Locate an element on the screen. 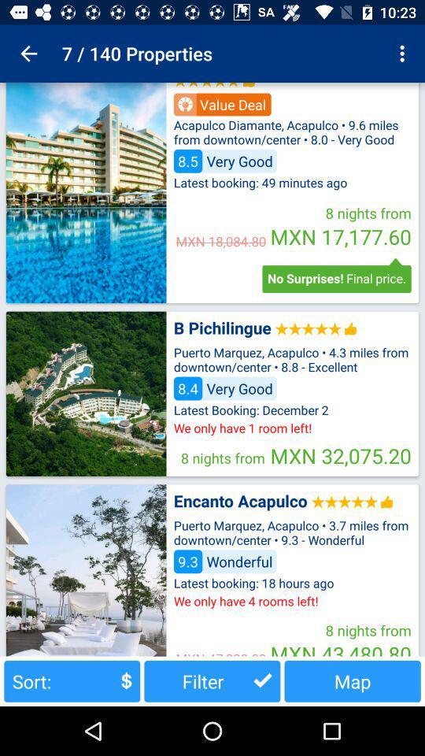  profile picture is located at coordinates (86, 393).